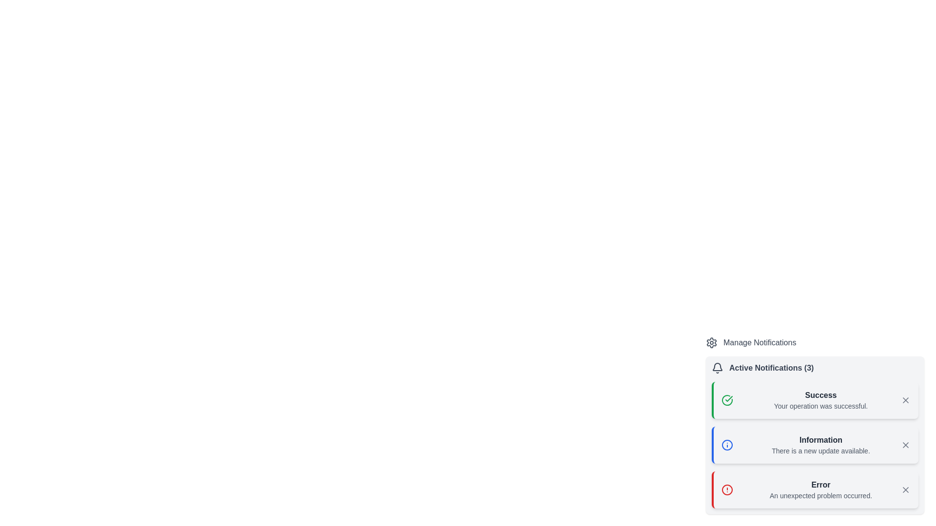 Image resolution: width=936 pixels, height=526 pixels. I want to click on the close icon located in the upper-right corner of the notification block, so click(905, 490).